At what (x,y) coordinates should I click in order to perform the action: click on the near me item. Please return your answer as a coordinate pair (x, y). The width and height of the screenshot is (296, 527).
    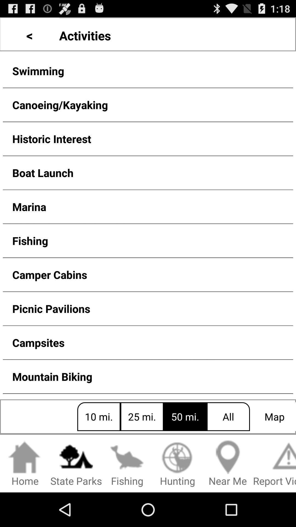
    Looking at the image, I should click on (228, 464).